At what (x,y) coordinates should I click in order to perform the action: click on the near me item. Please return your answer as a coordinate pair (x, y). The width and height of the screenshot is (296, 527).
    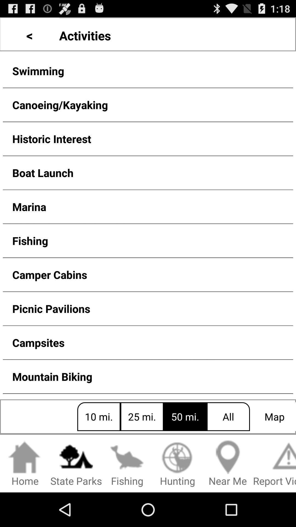
    Looking at the image, I should click on (228, 464).